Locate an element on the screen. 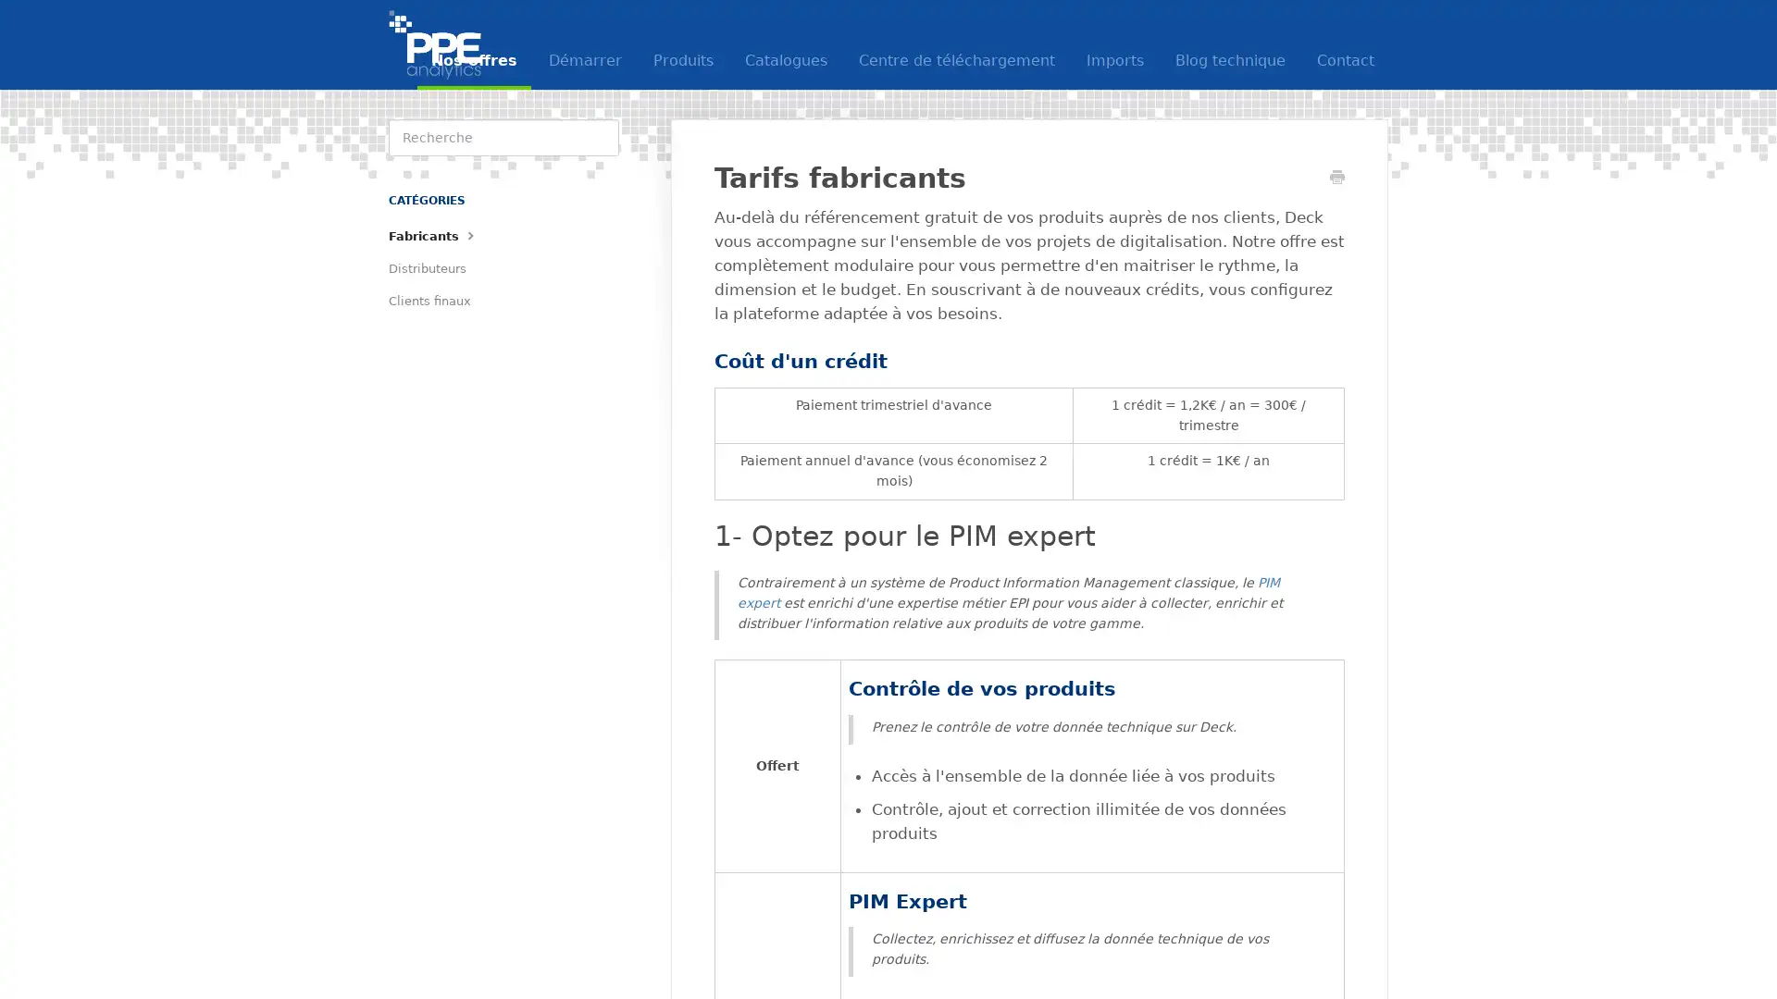  Toggle Search is located at coordinates (600, 137).